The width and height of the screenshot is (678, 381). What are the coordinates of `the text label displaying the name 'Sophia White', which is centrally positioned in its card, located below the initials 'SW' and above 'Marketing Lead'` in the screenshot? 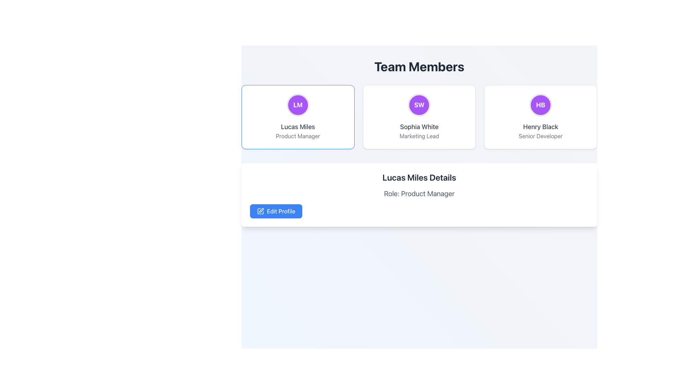 It's located at (419, 126).